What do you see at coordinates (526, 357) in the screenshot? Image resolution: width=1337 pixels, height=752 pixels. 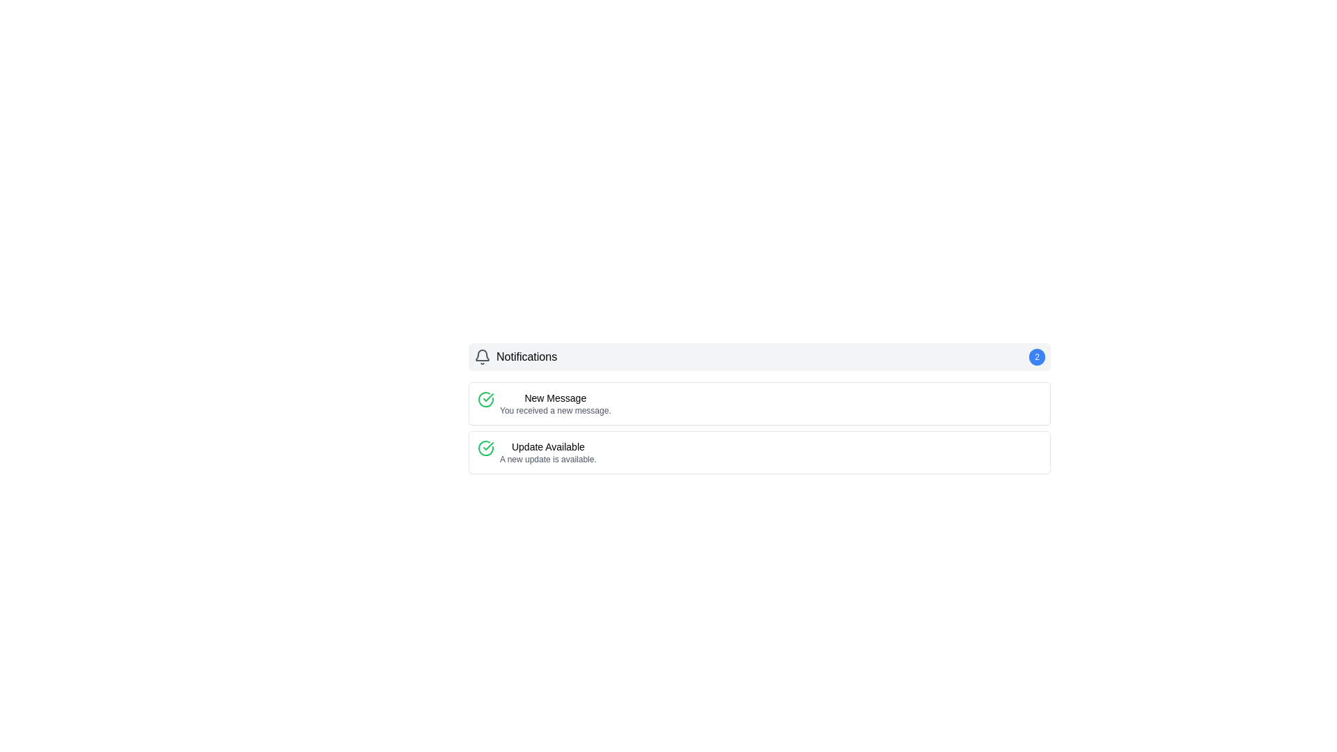 I see `the 'Notifications' text label, which serves as the title for the notification area and is located near the top of the section that lists notifications` at bounding box center [526, 357].